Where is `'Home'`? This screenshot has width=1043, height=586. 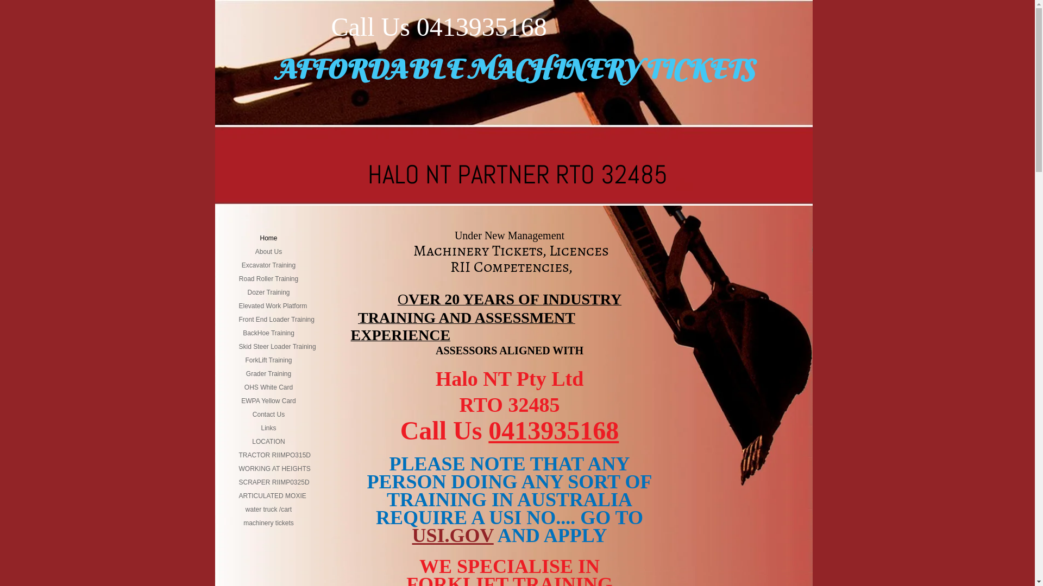
'Home' is located at coordinates (268, 238).